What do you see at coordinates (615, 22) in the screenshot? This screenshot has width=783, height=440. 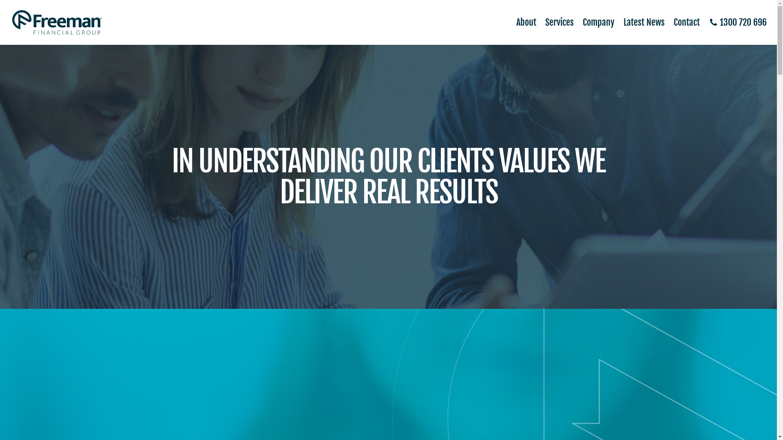 I see `'Latest News'` at bounding box center [615, 22].